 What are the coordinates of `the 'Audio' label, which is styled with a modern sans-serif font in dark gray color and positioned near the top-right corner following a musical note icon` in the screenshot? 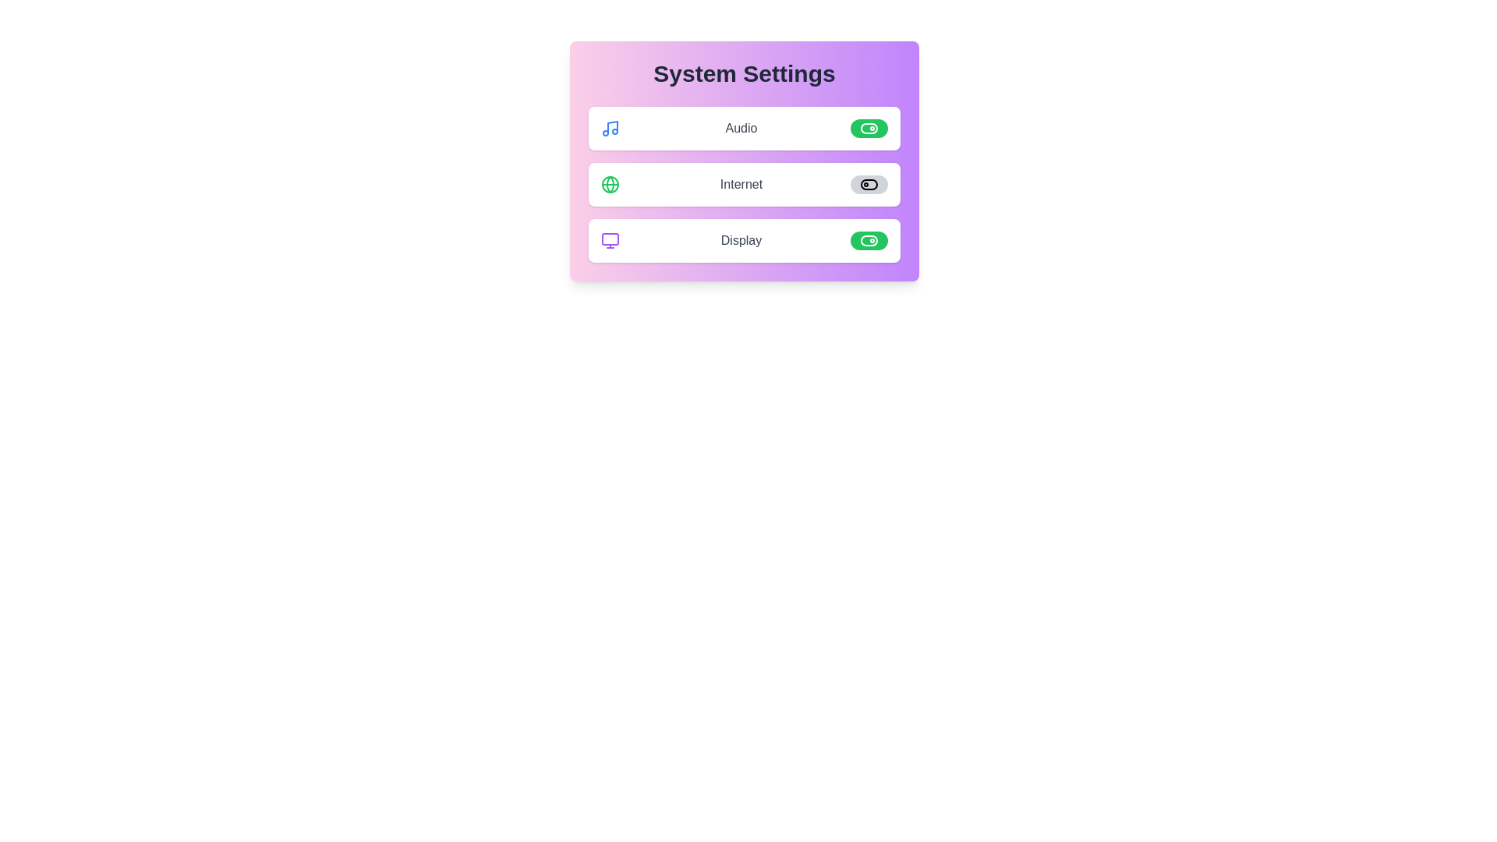 It's located at (740, 128).